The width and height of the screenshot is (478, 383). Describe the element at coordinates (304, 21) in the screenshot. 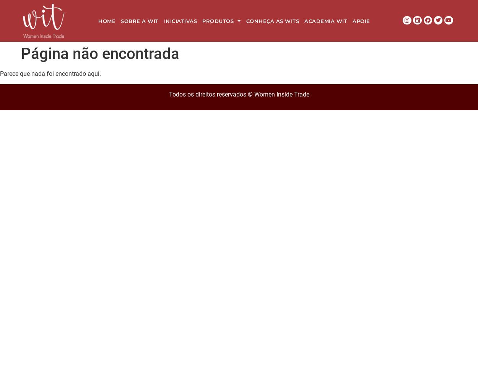

I see `'Academia WIT'` at that location.